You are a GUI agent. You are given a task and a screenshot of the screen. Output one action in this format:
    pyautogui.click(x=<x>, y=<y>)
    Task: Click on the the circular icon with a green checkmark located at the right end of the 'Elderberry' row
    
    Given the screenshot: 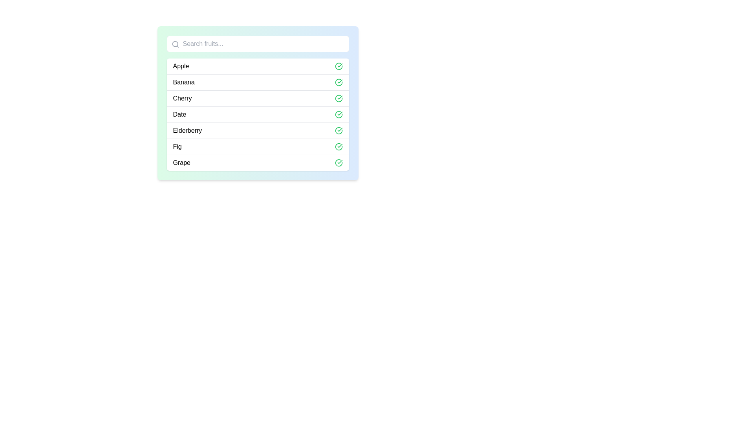 What is the action you would take?
    pyautogui.click(x=339, y=130)
    